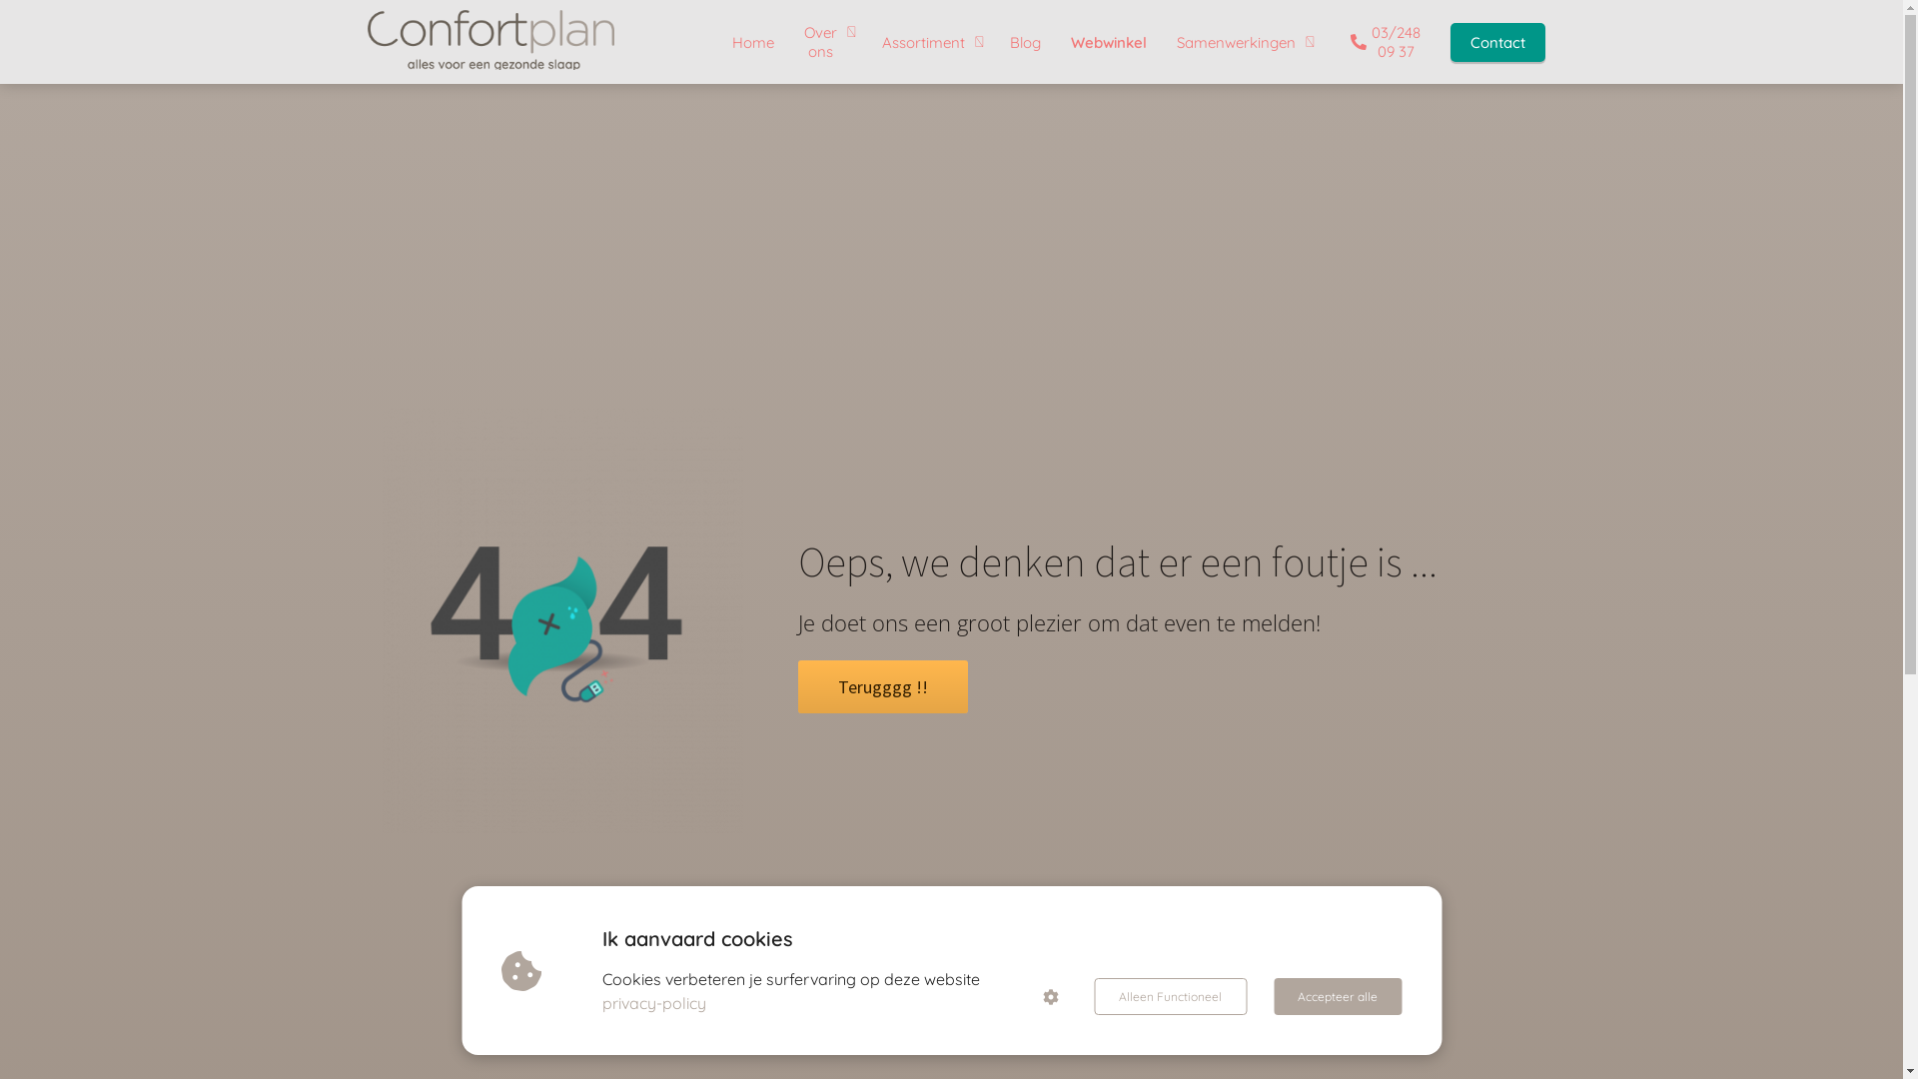  What do you see at coordinates (1025, 42) in the screenshot?
I see `'Blog'` at bounding box center [1025, 42].